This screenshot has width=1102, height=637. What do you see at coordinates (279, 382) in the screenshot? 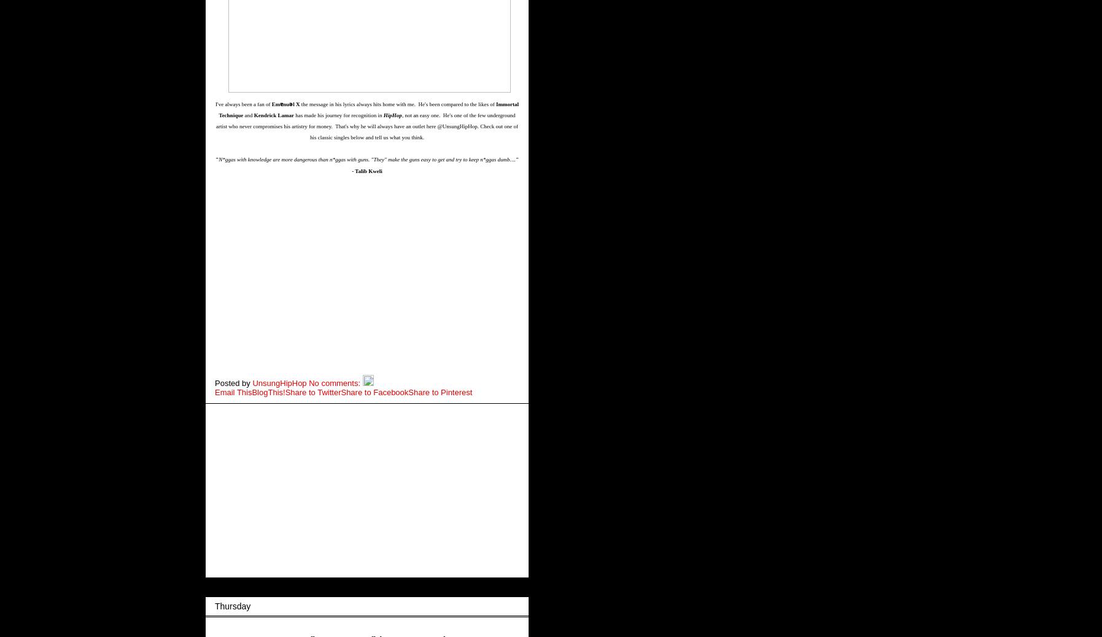
I see `'UnsungHipHop'` at bounding box center [279, 382].